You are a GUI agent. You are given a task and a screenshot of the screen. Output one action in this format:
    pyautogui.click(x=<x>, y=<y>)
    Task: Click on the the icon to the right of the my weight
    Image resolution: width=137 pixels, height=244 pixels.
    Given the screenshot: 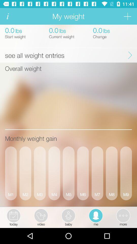 What is the action you would take?
    pyautogui.click(x=127, y=16)
    